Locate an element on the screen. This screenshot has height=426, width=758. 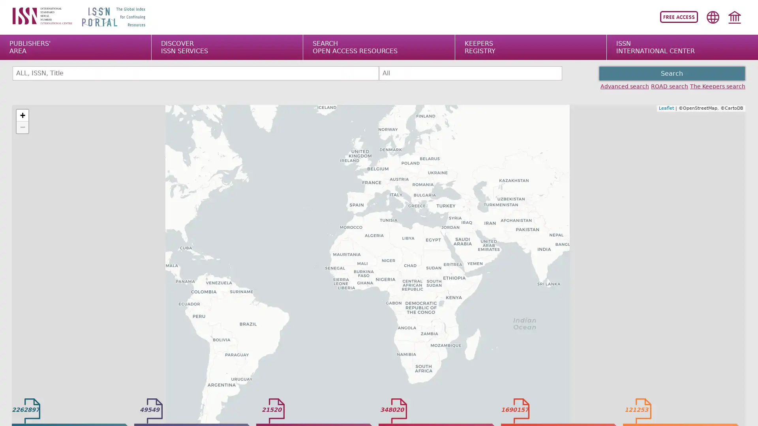
Search is located at coordinates (672, 73).